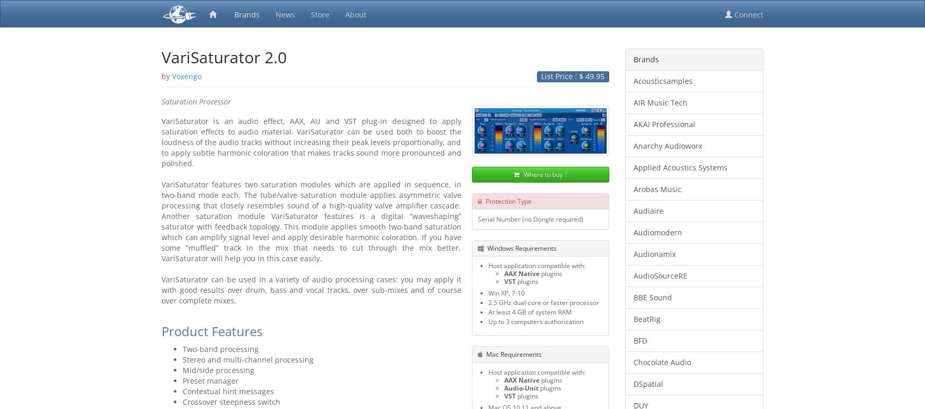 The width and height of the screenshot is (925, 409). Describe the element at coordinates (183, 380) in the screenshot. I see `'Preset manager'` at that location.